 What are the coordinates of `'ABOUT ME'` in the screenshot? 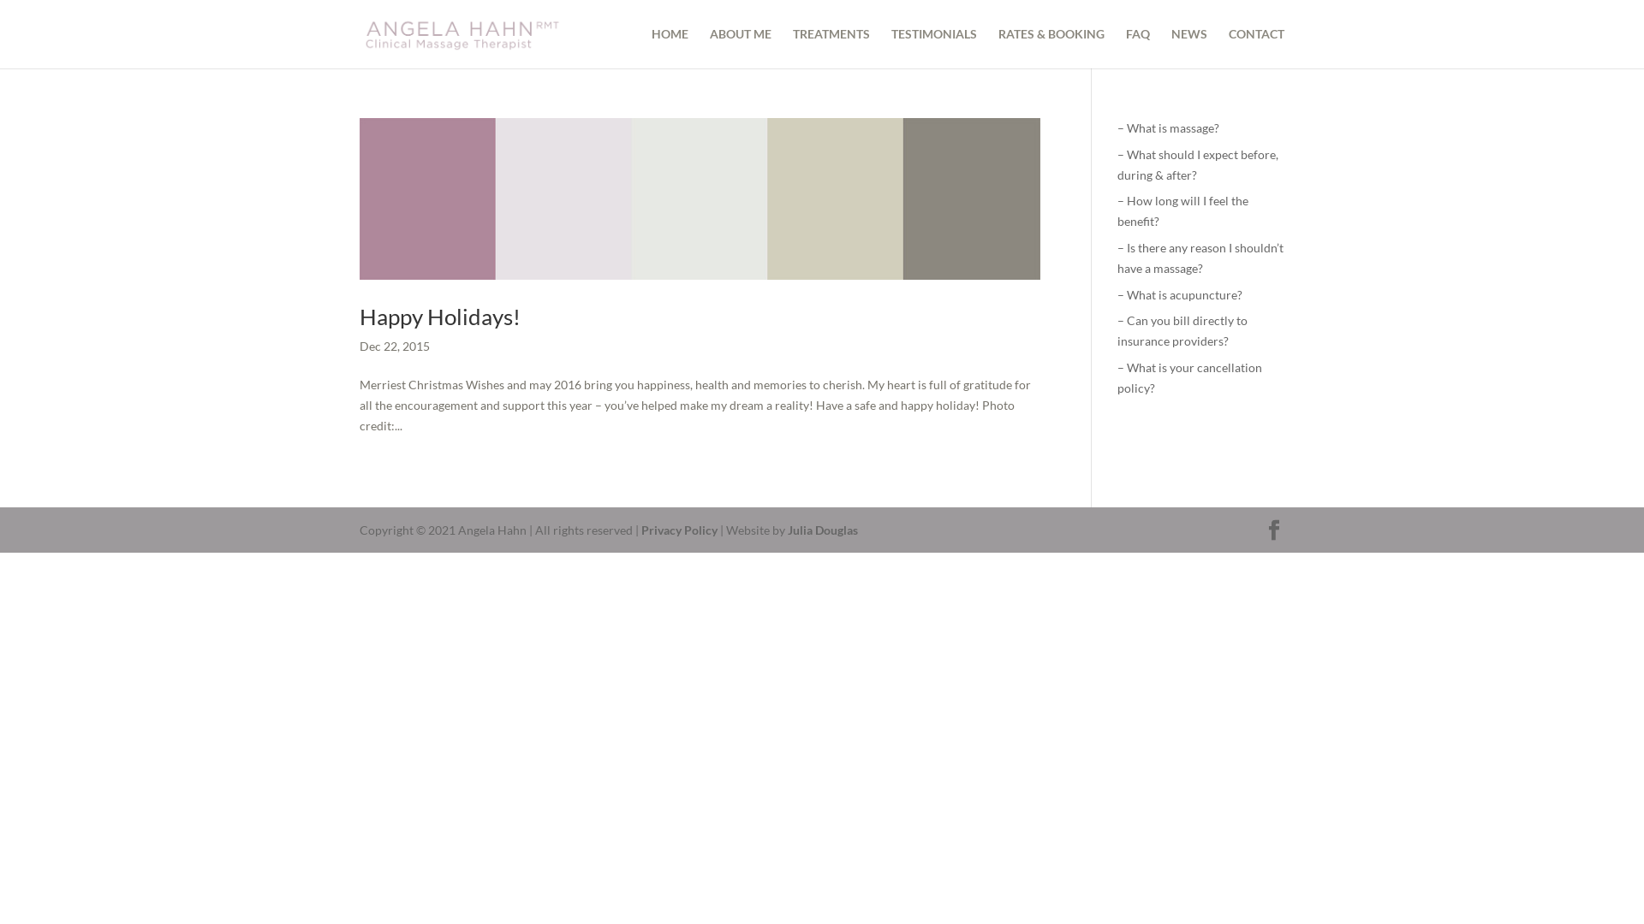 It's located at (740, 47).